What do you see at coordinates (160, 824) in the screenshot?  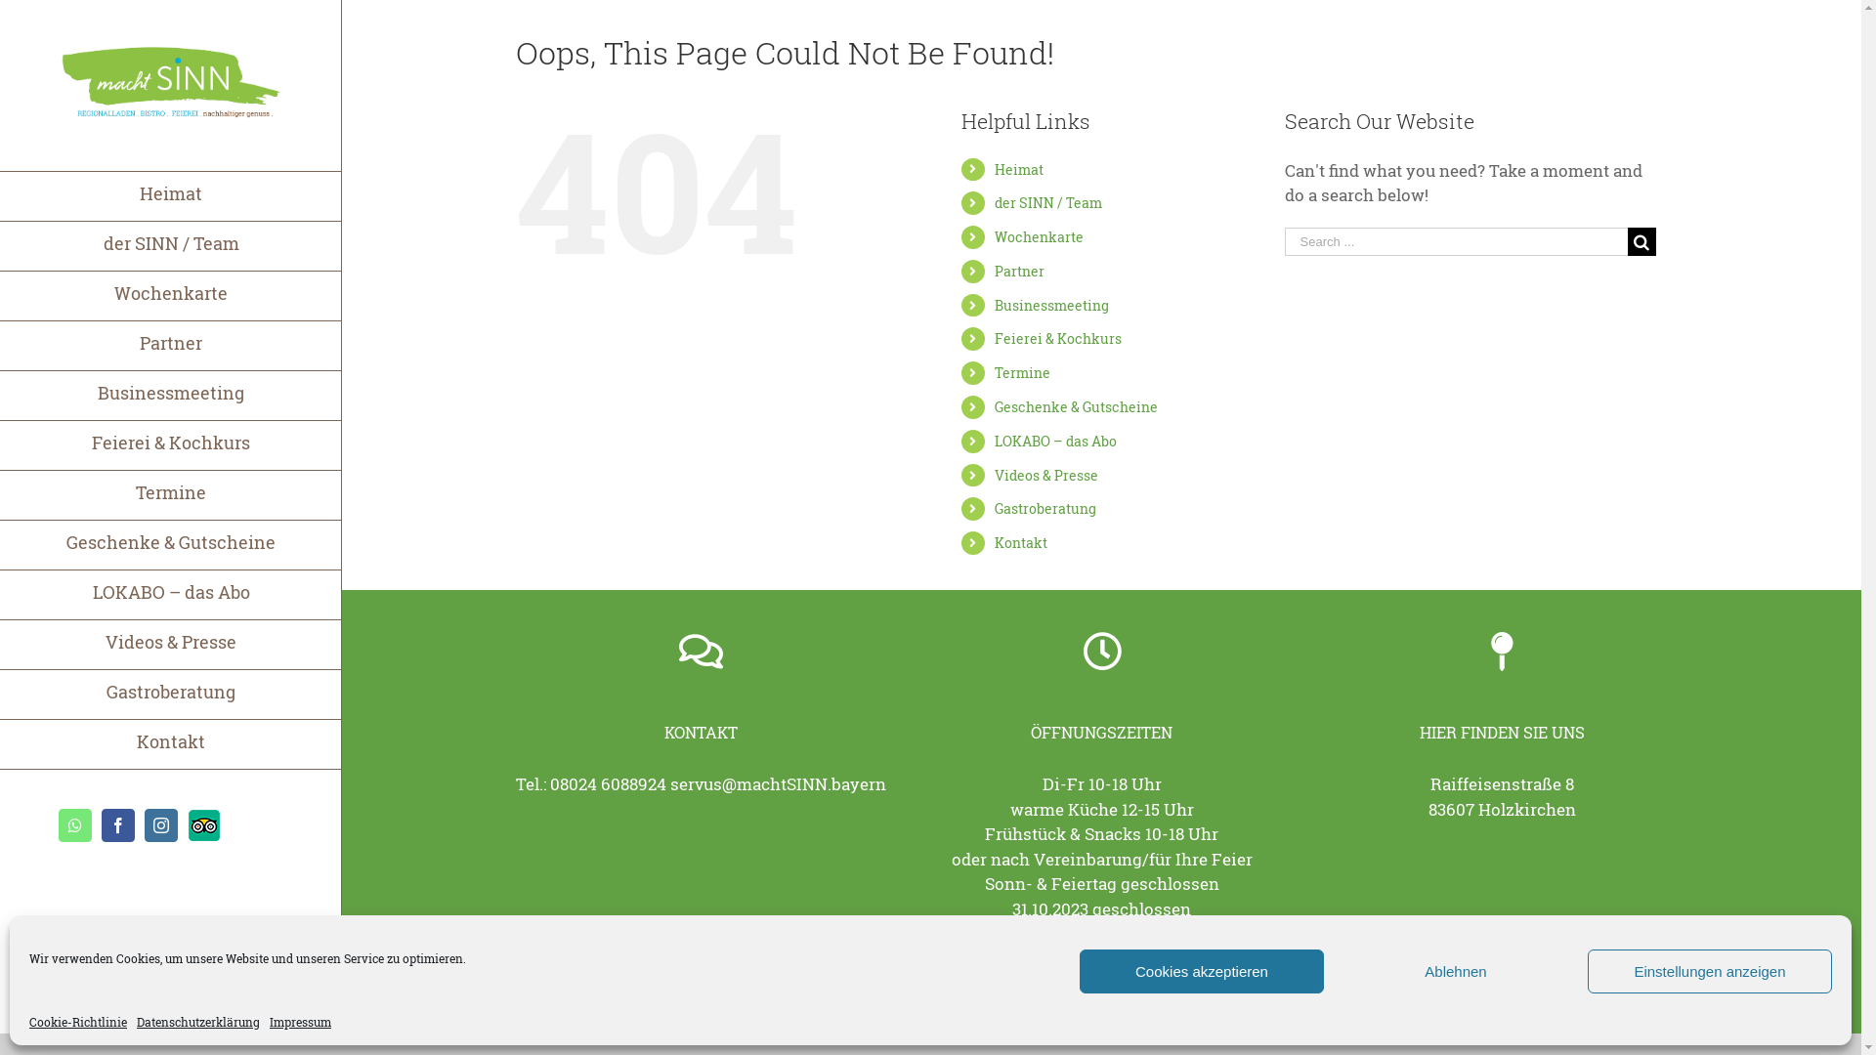 I see `'Instagram'` at bounding box center [160, 824].